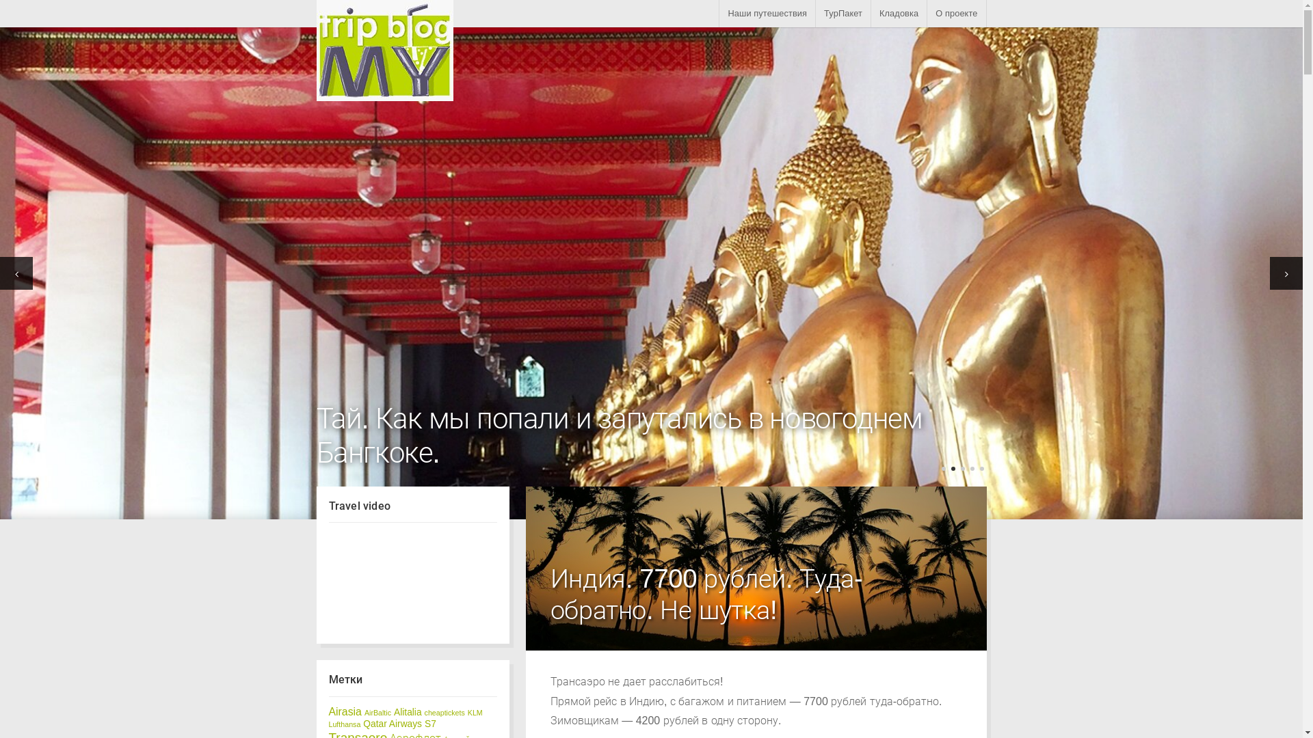  Describe the element at coordinates (344, 724) in the screenshot. I see `'Lufthansa'` at that location.